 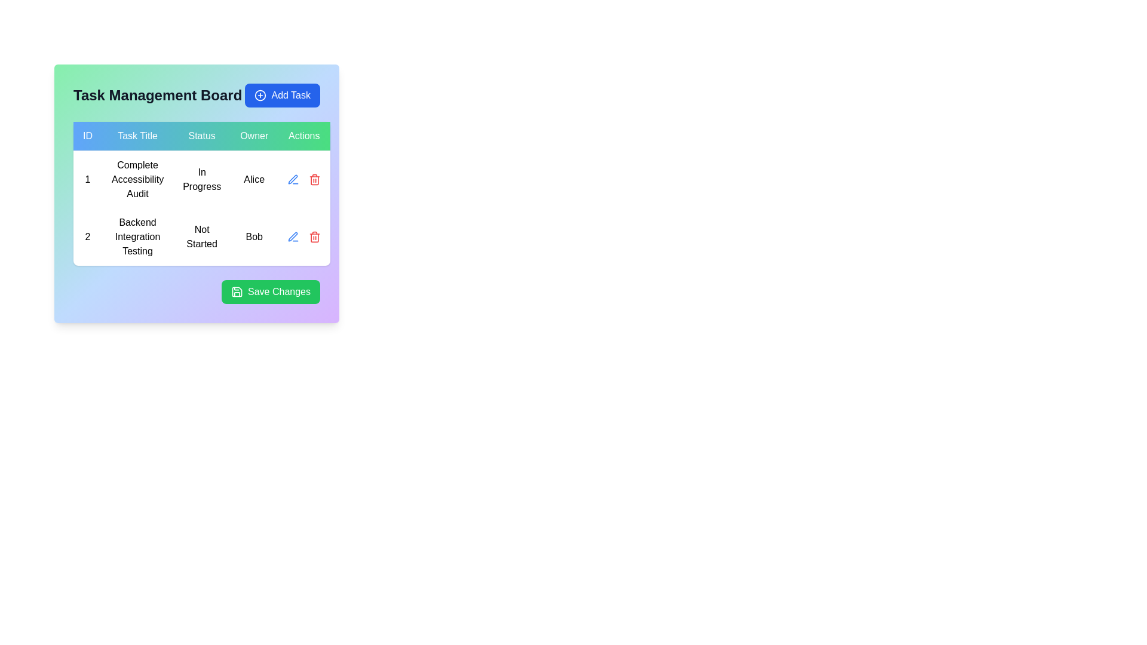 What do you see at coordinates (197, 292) in the screenshot?
I see `the 'Save Changes' button located at the bottom right corner of the task management interface` at bounding box center [197, 292].